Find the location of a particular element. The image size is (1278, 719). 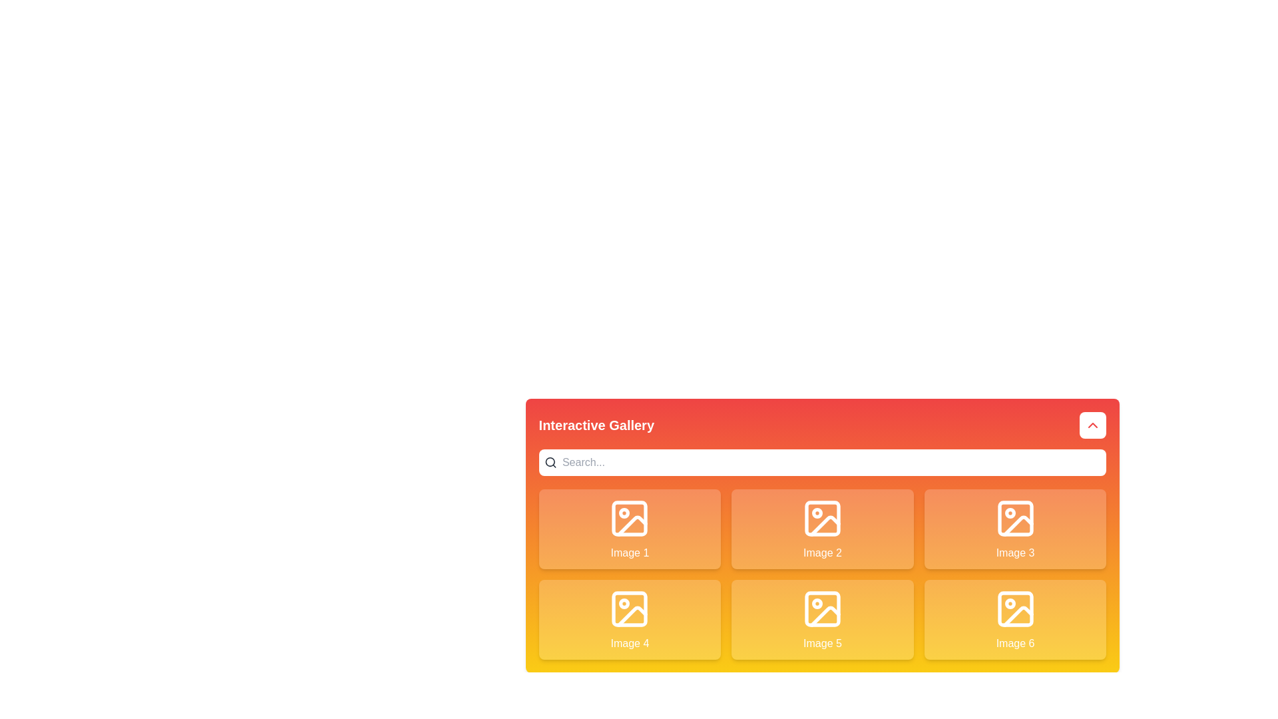

the non-interactive SVG circle element that serves a decorative purpose within the 'Image 2' card, located in the second position of the top row in the grid layout is located at coordinates (817, 513).